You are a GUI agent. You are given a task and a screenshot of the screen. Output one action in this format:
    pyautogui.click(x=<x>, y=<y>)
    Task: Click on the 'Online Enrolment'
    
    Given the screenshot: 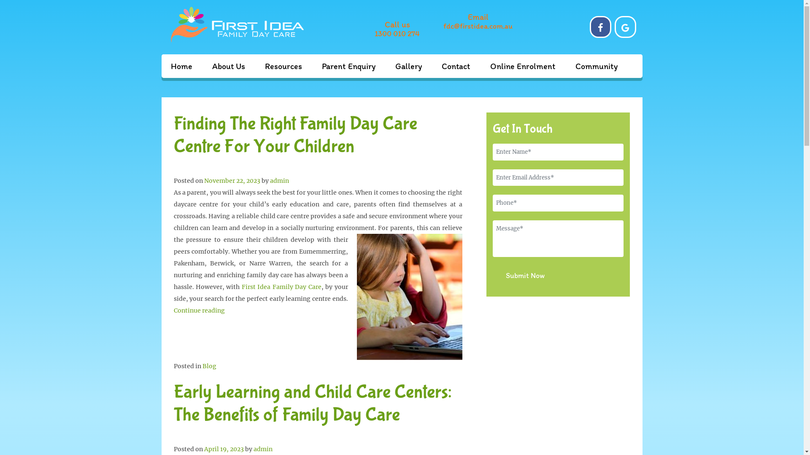 What is the action you would take?
    pyautogui.click(x=522, y=66)
    